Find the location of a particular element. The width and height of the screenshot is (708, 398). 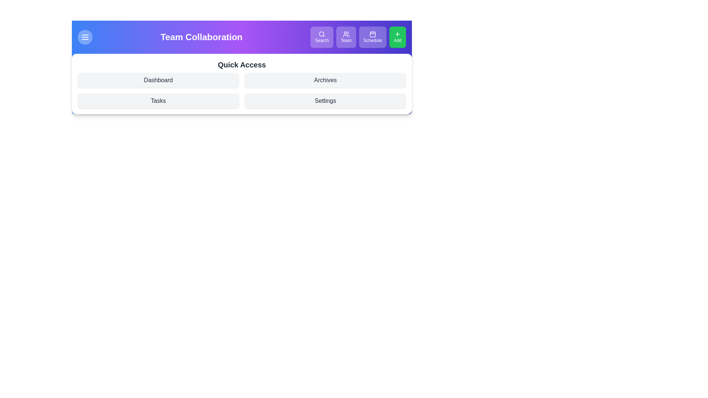

the Search button in the navigation bar is located at coordinates (322, 37).